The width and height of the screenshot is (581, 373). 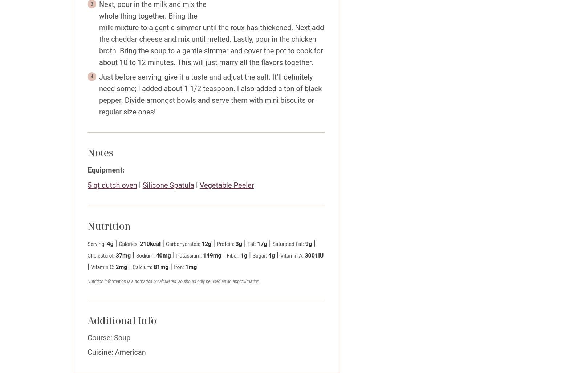 What do you see at coordinates (97, 243) in the screenshot?
I see `'Serving:'` at bounding box center [97, 243].